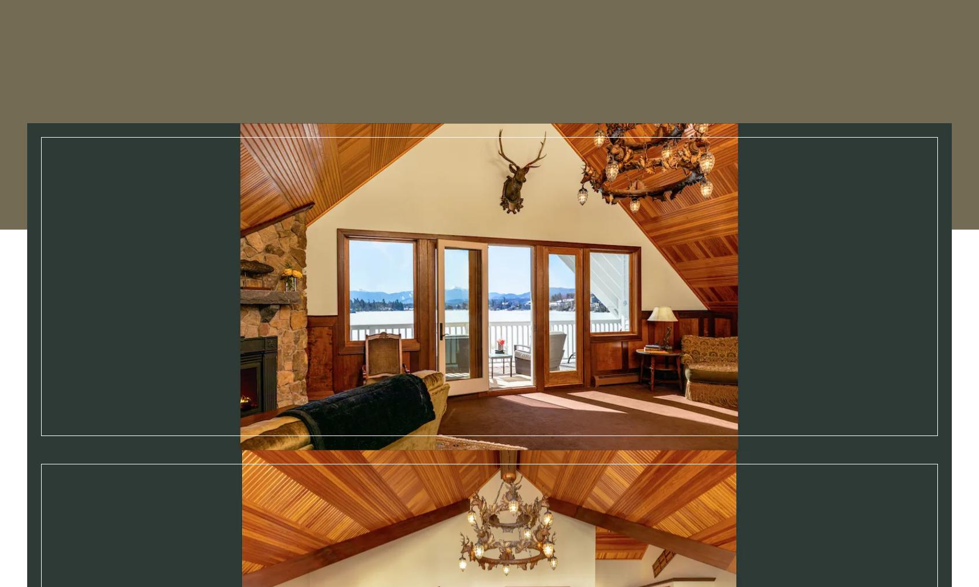  I want to click on 'Spa', so click(426, 23).